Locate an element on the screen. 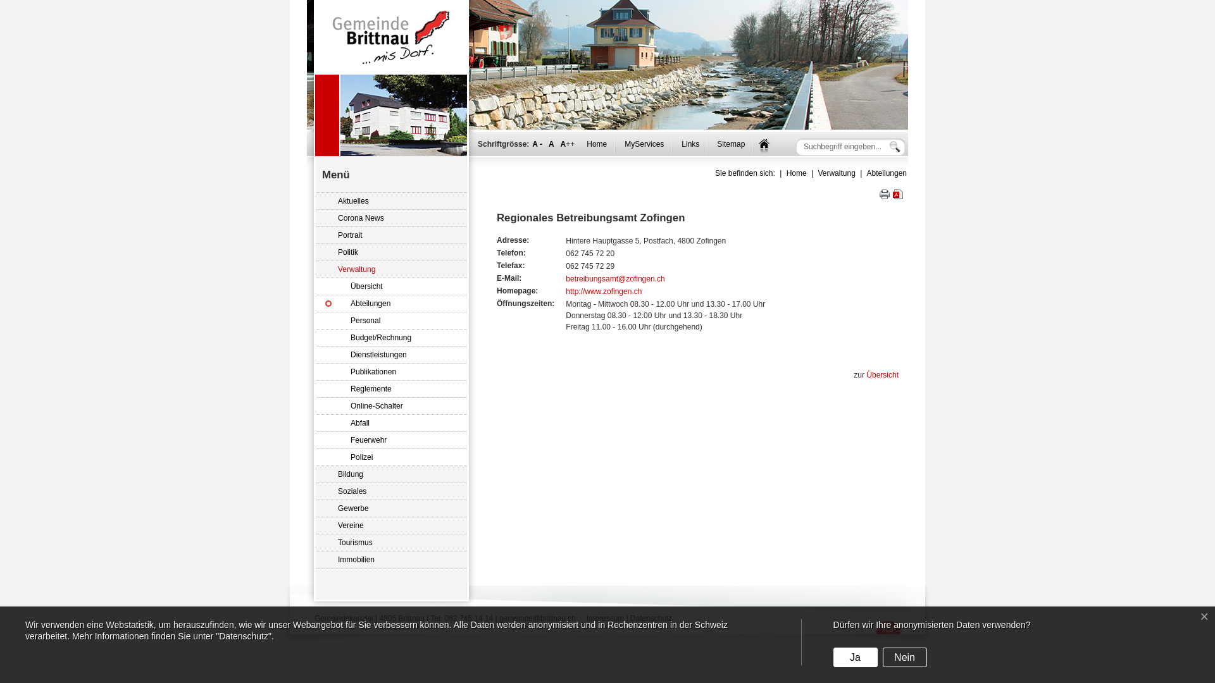 This screenshot has height=683, width=1215. 'Corona News' is located at coordinates (390, 218).